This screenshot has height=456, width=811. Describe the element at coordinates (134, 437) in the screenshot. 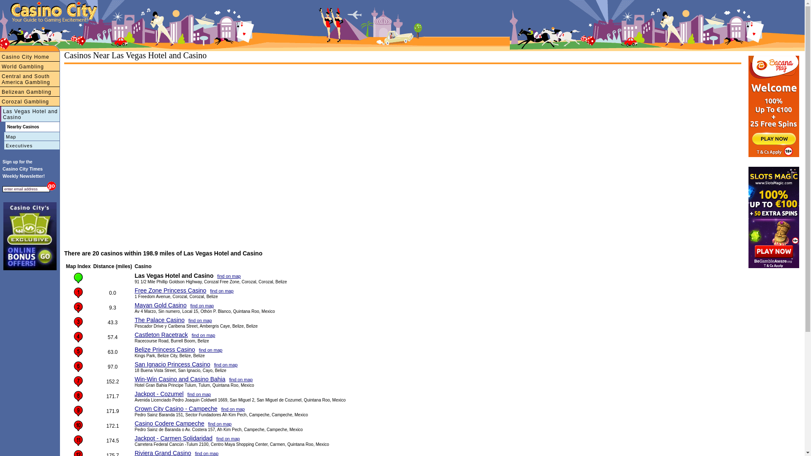

I see `'Jackpot - Carmen Solidaridad'` at that location.